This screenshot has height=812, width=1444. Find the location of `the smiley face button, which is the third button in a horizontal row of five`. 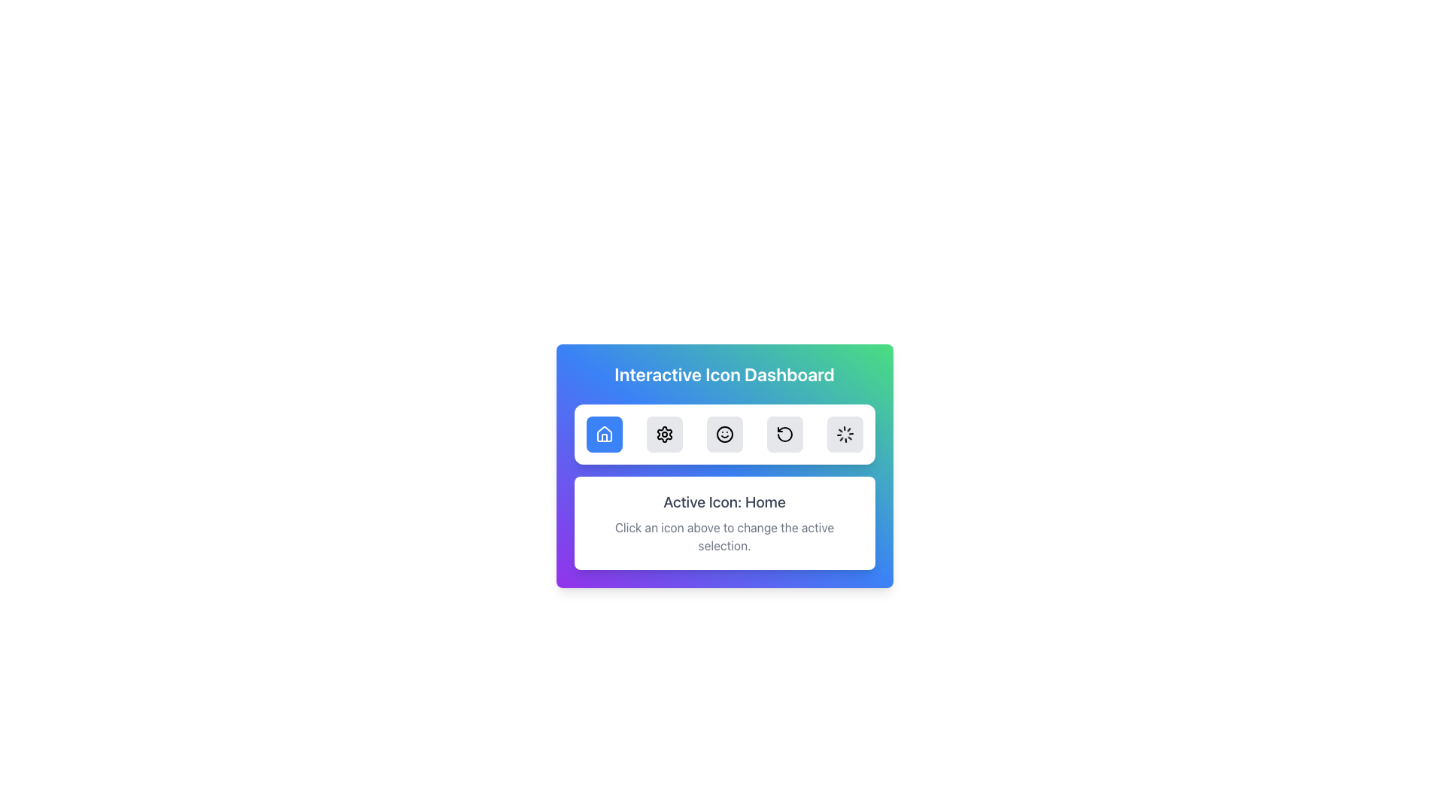

the smiley face button, which is the third button in a horizontal row of five is located at coordinates (724, 435).